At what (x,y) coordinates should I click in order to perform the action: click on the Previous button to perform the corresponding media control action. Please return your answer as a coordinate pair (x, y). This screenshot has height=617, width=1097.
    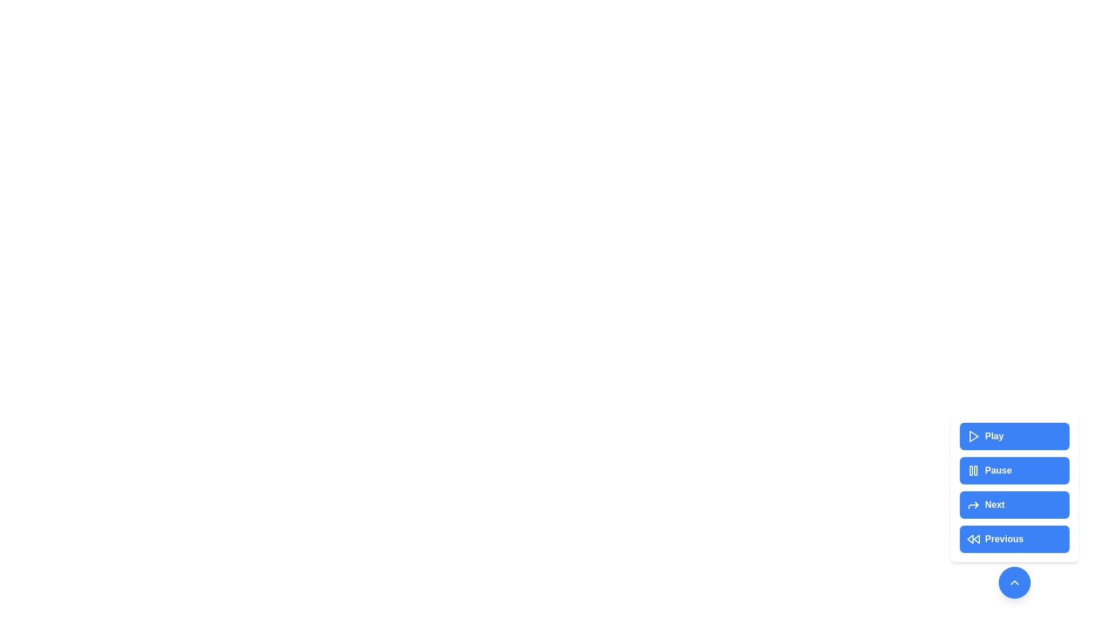
    Looking at the image, I should click on (1015, 539).